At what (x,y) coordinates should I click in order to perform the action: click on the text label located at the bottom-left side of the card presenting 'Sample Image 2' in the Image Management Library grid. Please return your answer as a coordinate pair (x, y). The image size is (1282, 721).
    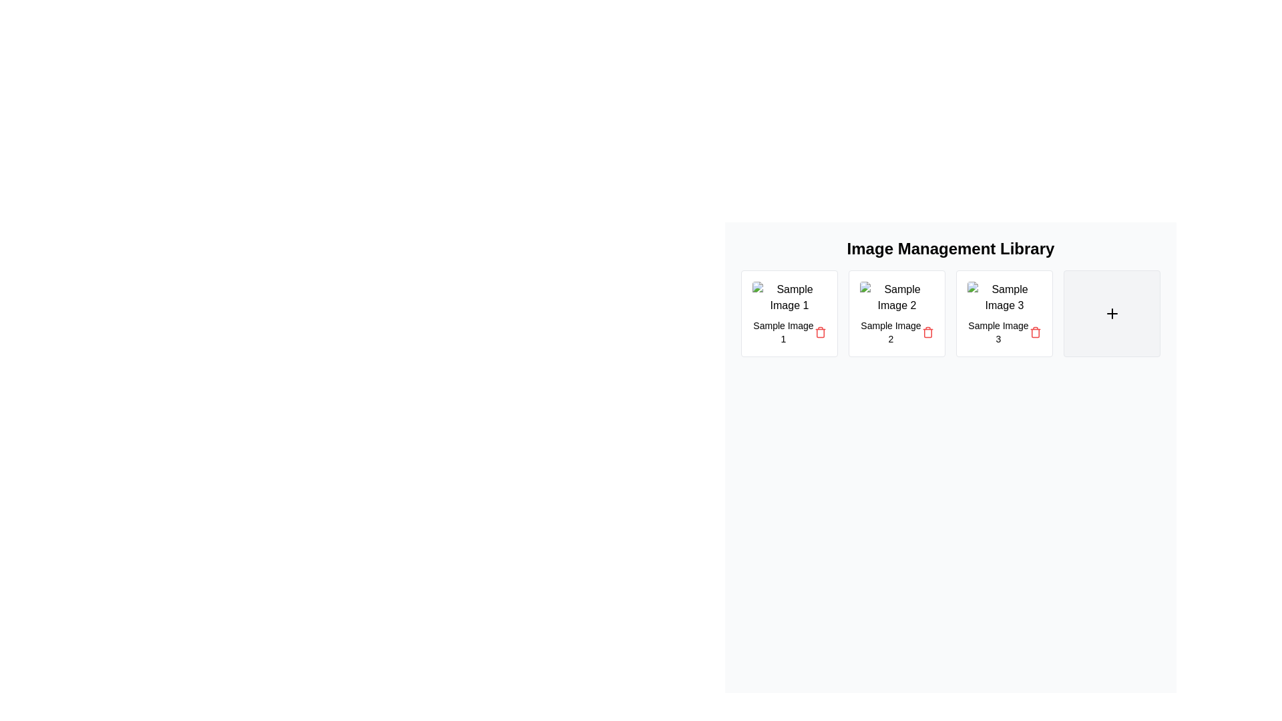
    Looking at the image, I should click on (897, 331).